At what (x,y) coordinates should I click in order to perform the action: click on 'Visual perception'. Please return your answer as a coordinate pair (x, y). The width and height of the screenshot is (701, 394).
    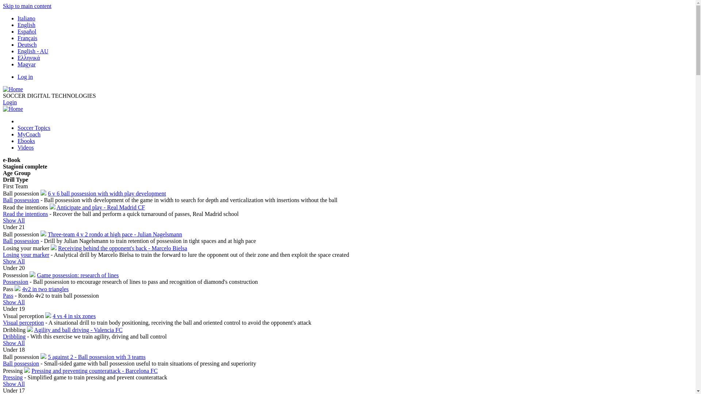
    Looking at the image, I should click on (23, 322).